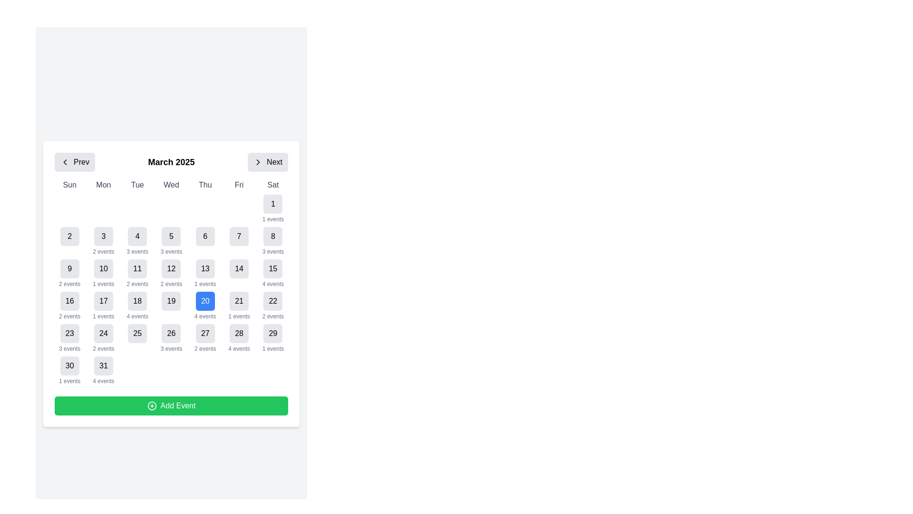 The width and height of the screenshot is (913, 514). What do you see at coordinates (267, 161) in the screenshot?
I see `the forward navigation button located in the upper-right corner of the calendar interface` at bounding box center [267, 161].